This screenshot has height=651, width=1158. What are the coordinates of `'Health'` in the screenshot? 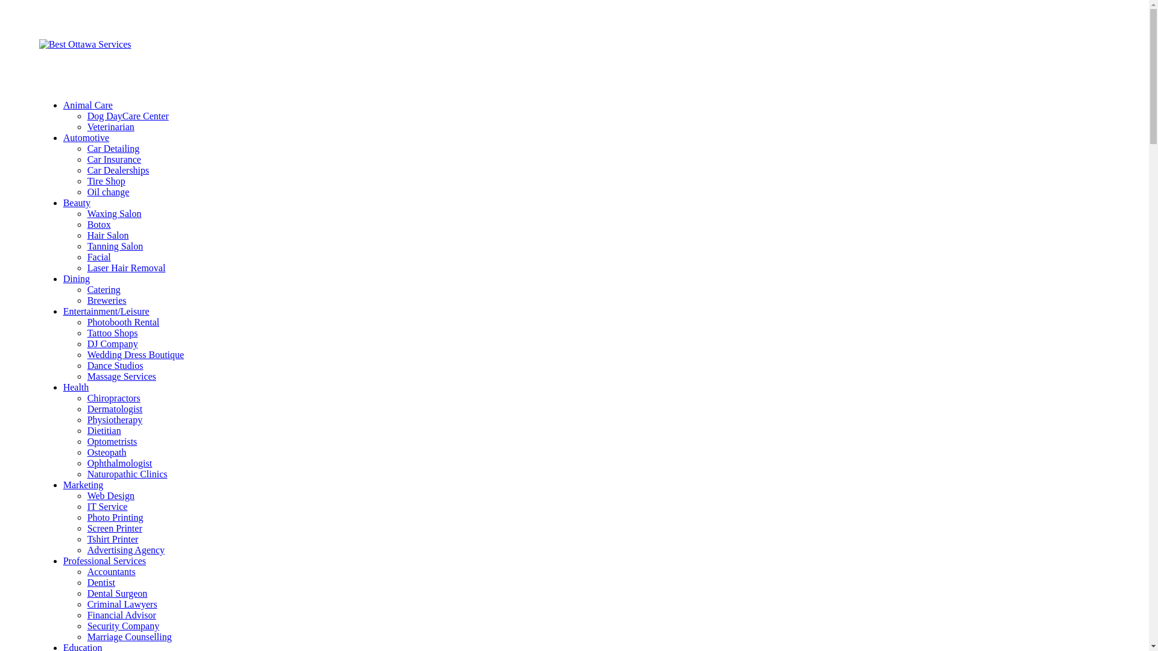 It's located at (63, 387).